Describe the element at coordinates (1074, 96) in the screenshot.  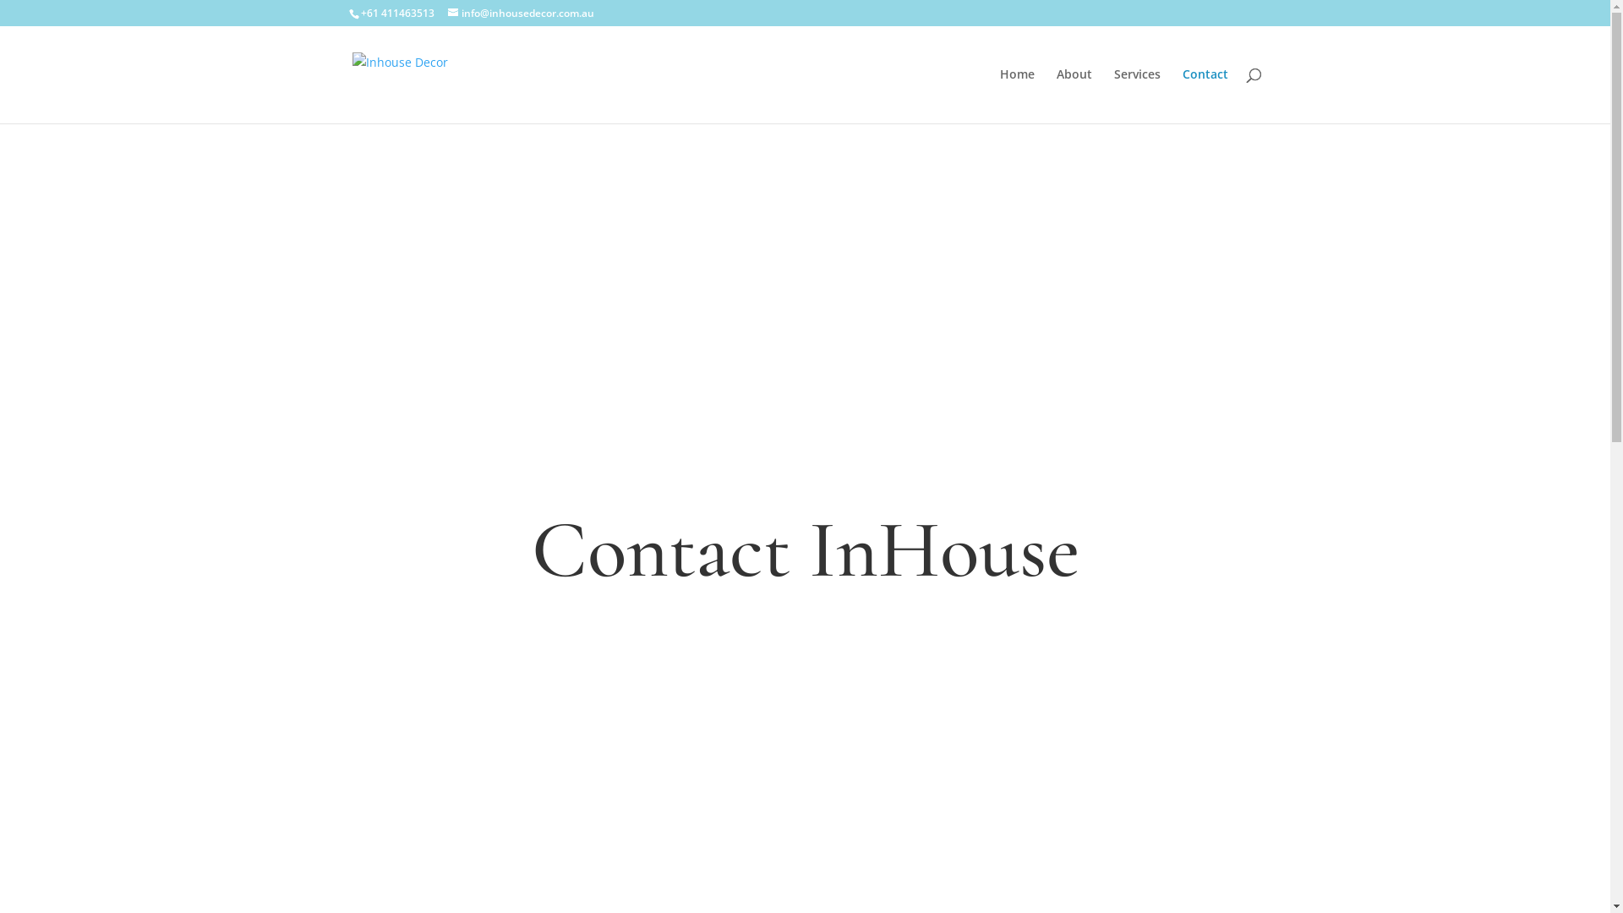
I see `'About'` at that location.